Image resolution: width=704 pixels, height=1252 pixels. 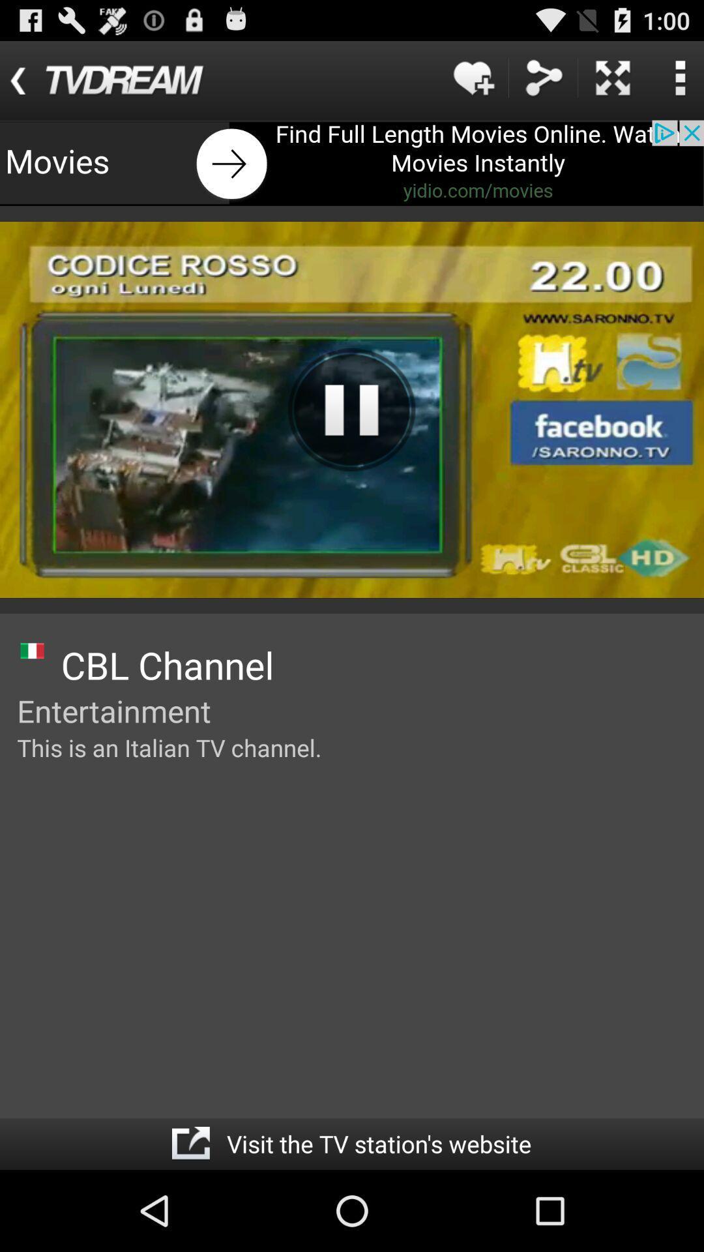 What do you see at coordinates (190, 1143) in the screenshot?
I see `site` at bounding box center [190, 1143].